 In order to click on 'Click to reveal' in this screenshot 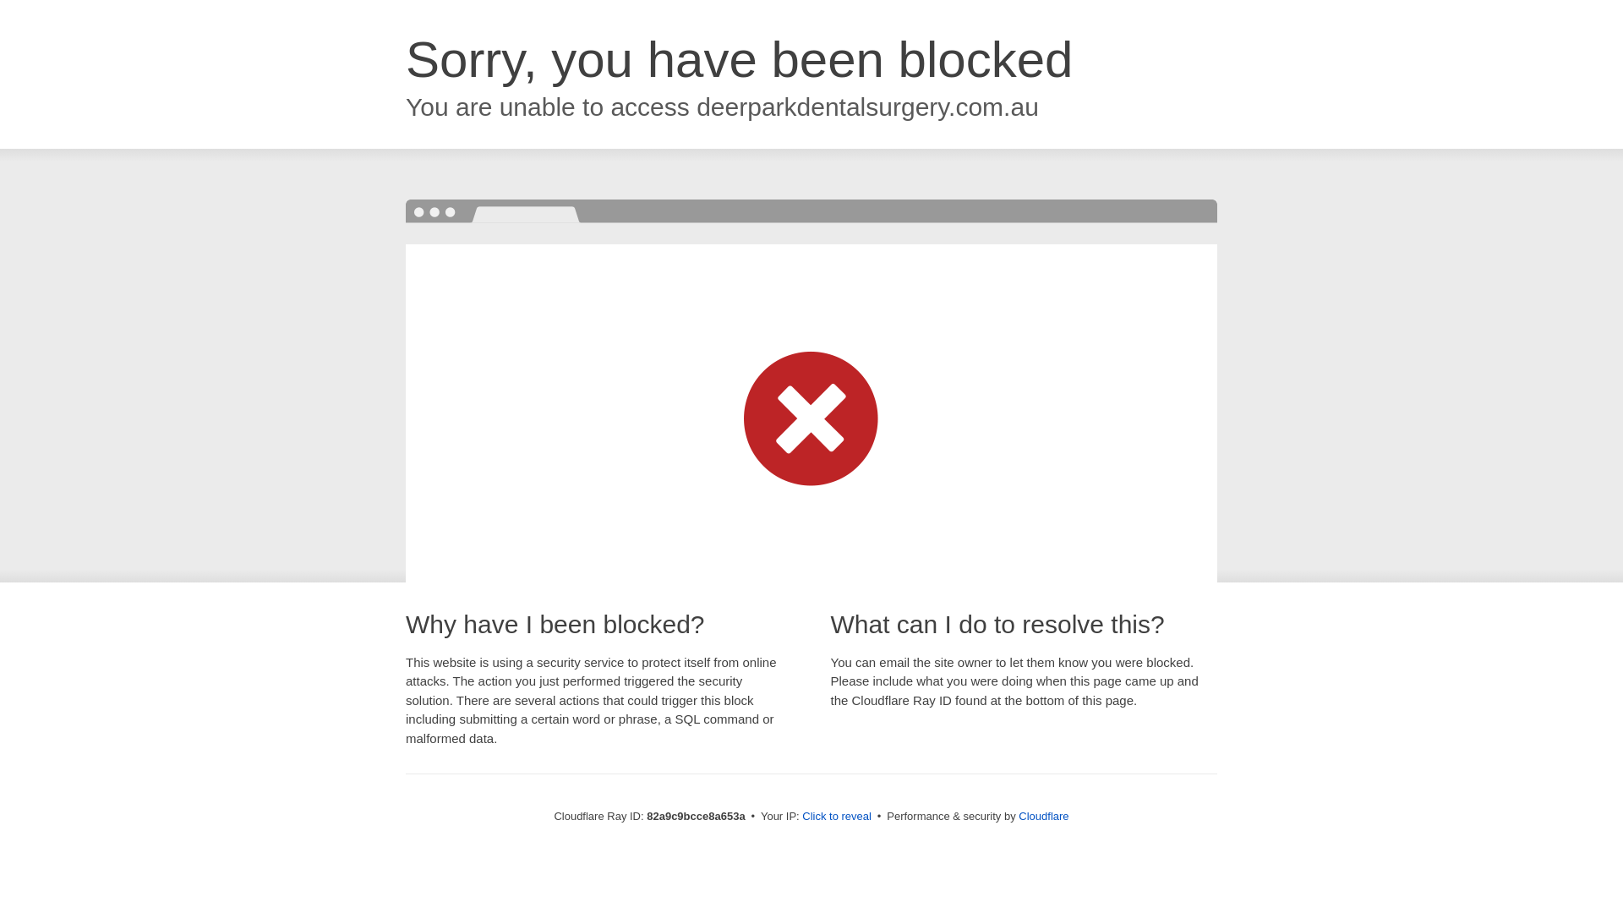, I will do `click(836, 815)`.